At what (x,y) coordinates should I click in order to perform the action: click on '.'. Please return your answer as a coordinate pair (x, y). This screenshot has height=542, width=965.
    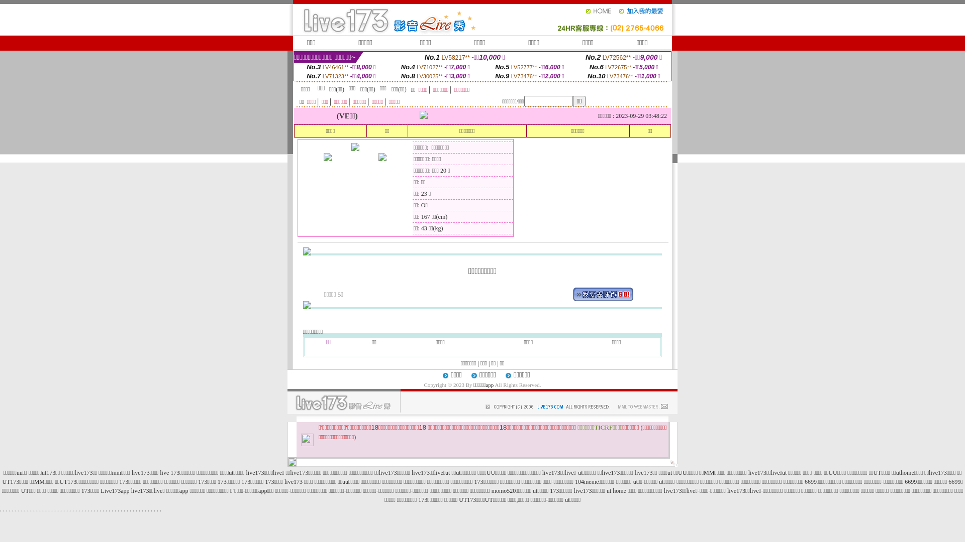
    Looking at the image, I should click on (1, 509).